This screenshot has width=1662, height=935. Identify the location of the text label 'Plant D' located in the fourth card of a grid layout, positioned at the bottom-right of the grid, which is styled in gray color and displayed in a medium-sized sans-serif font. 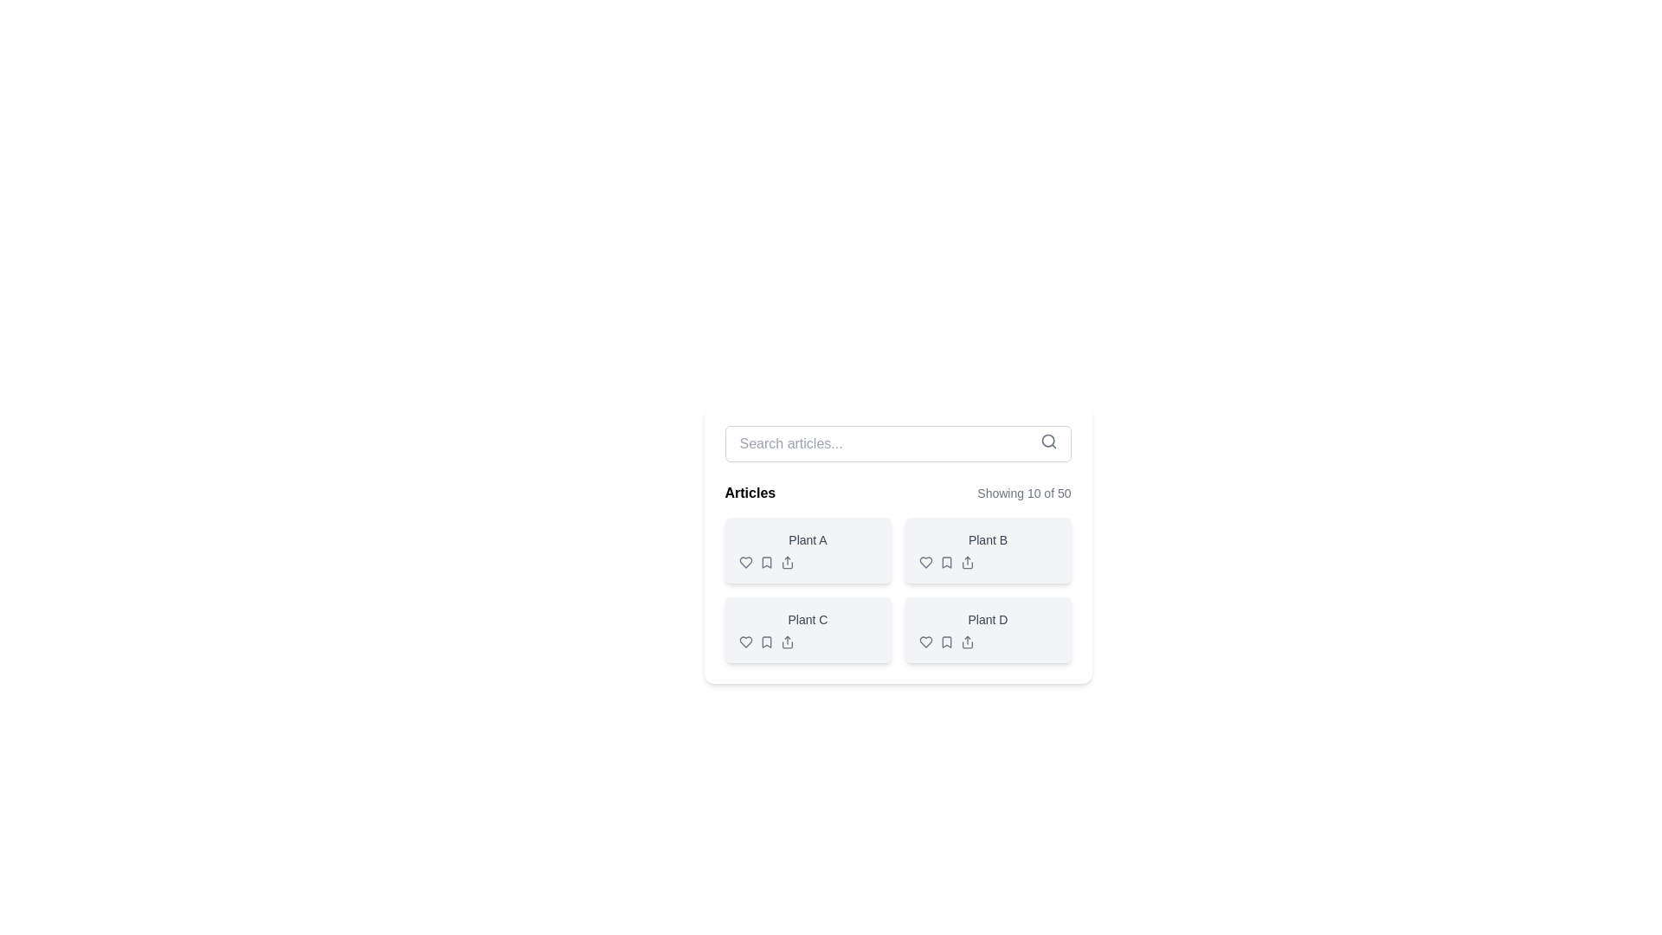
(988, 619).